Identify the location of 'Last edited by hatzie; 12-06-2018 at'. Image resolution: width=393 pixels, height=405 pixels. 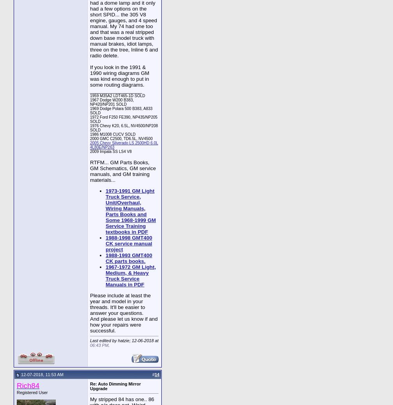
(124, 340).